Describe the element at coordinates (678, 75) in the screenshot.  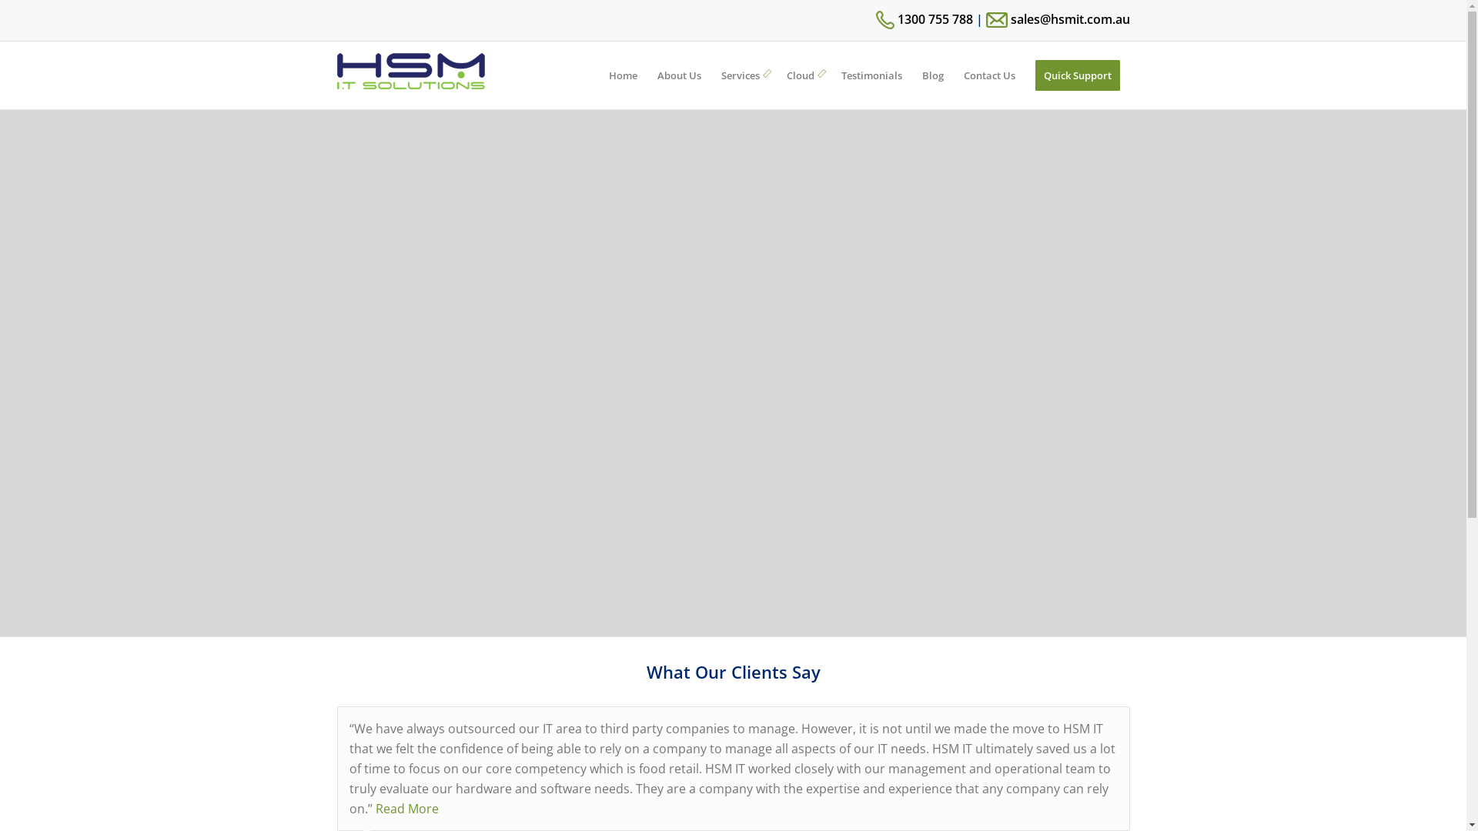
I see `'About Us'` at that location.